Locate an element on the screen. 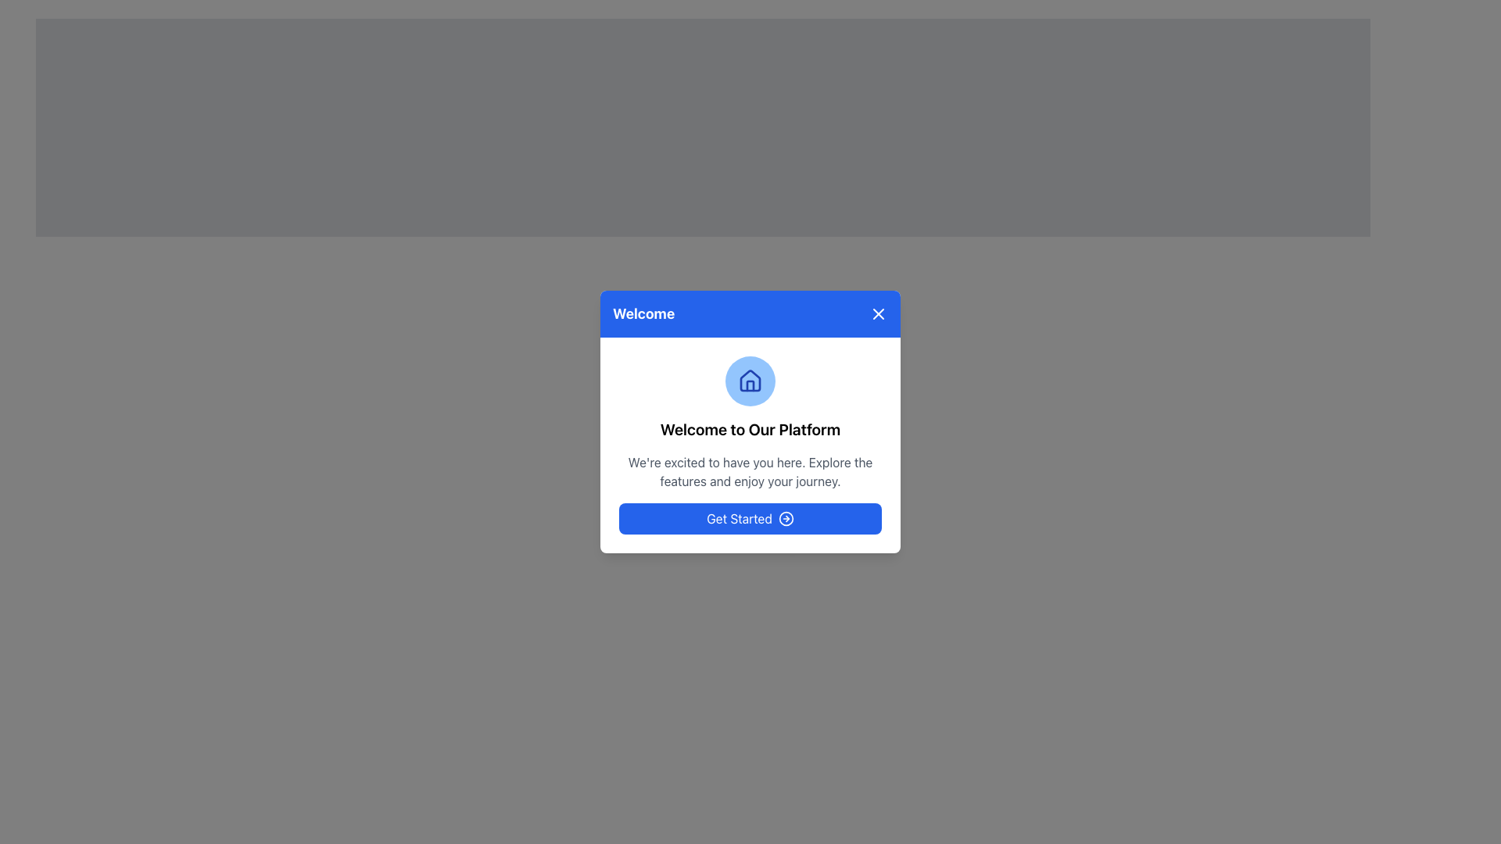 Image resolution: width=1501 pixels, height=844 pixels. the circular arrow icon located inside the 'Get Started' button in the modal window, which is depicted in blue and white colors is located at coordinates (786, 518).